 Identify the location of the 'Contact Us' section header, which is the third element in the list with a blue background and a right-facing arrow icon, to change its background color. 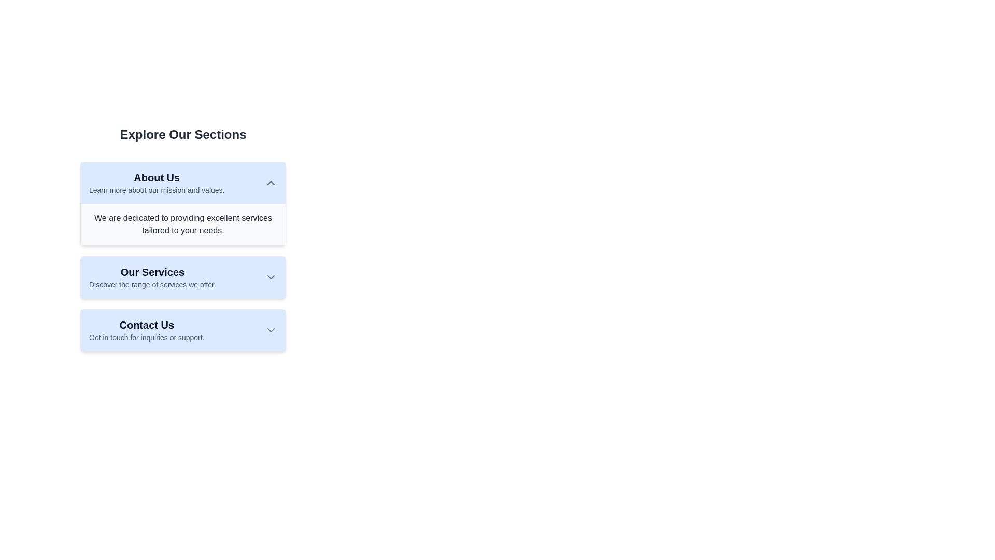
(183, 330).